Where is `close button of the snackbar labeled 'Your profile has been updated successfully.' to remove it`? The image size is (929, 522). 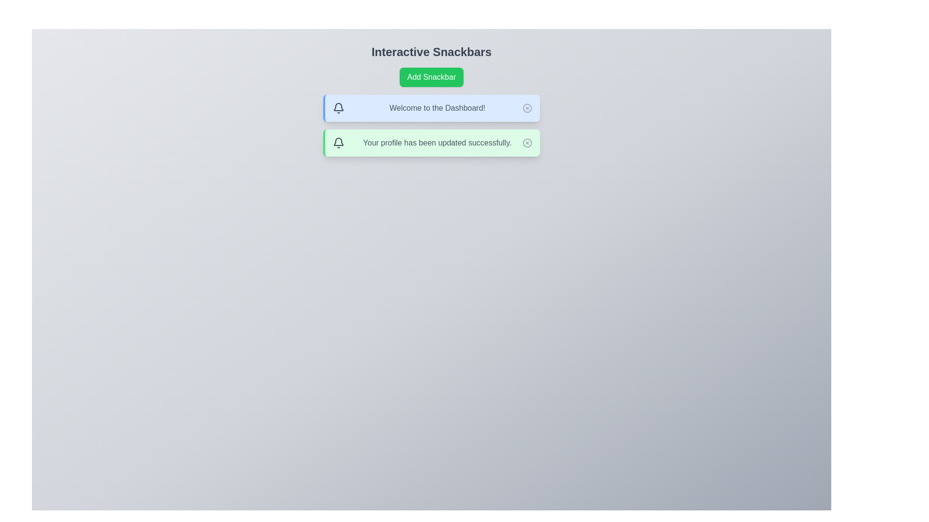
close button of the snackbar labeled 'Your profile has been updated successfully.' to remove it is located at coordinates (526, 143).